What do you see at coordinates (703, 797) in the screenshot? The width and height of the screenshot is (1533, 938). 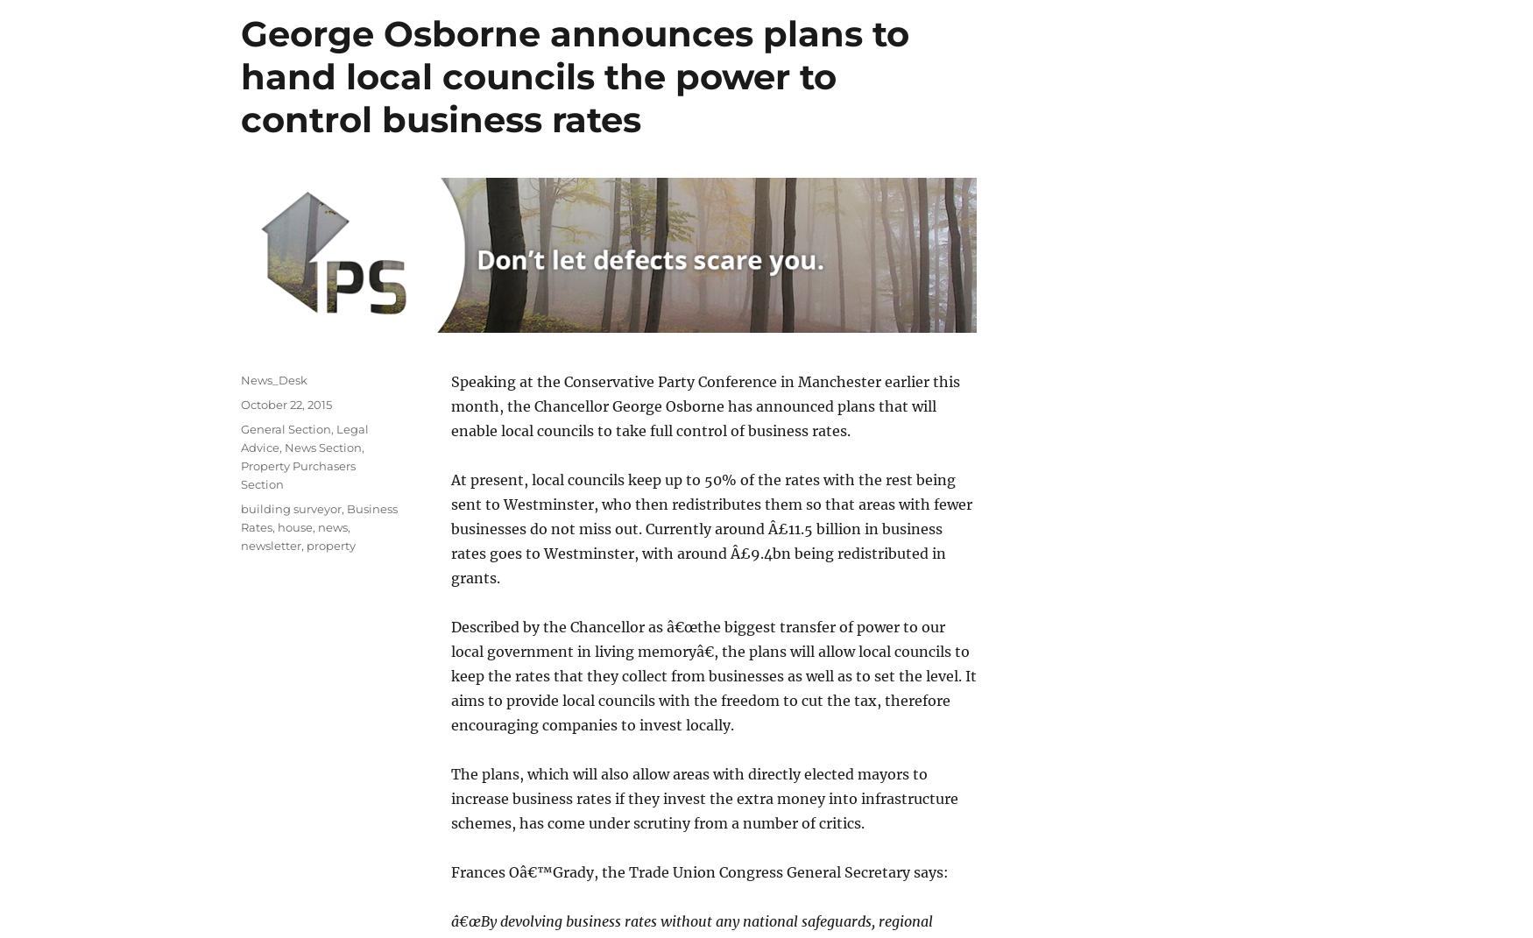 I see `'The plans, which will also allow areas with directly elected mayors to increase business rates if they invest the extra money into infrastructure schemes, has come under scrutiny from a number of critics.'` at bounding box center [703, 797].